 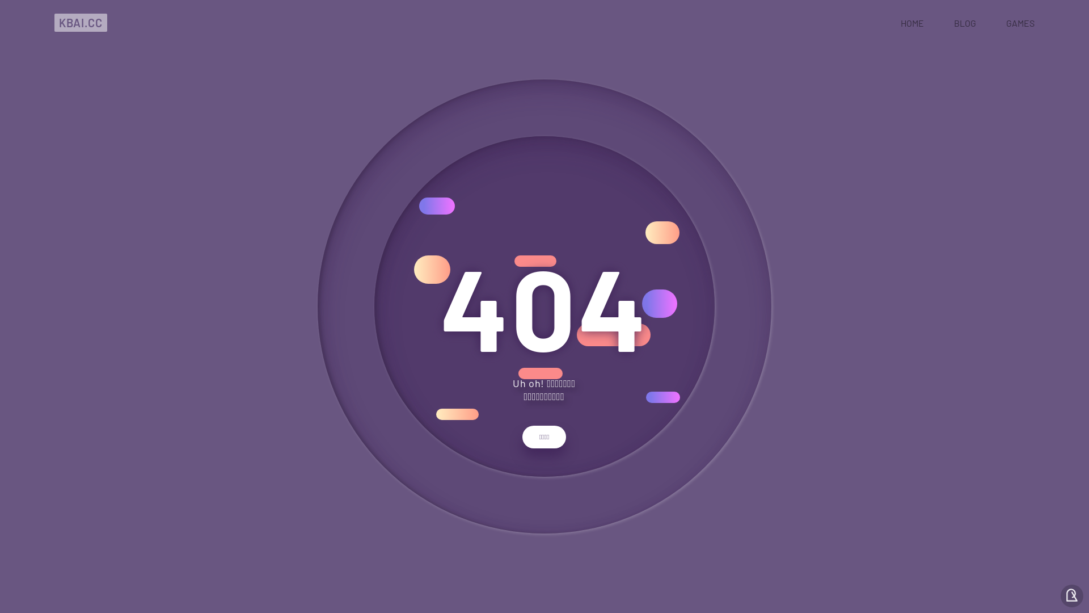 What do you see at coordinates (912, 22) in the screenshot?
I see `'HOME'` at bounding box center [912, 22].